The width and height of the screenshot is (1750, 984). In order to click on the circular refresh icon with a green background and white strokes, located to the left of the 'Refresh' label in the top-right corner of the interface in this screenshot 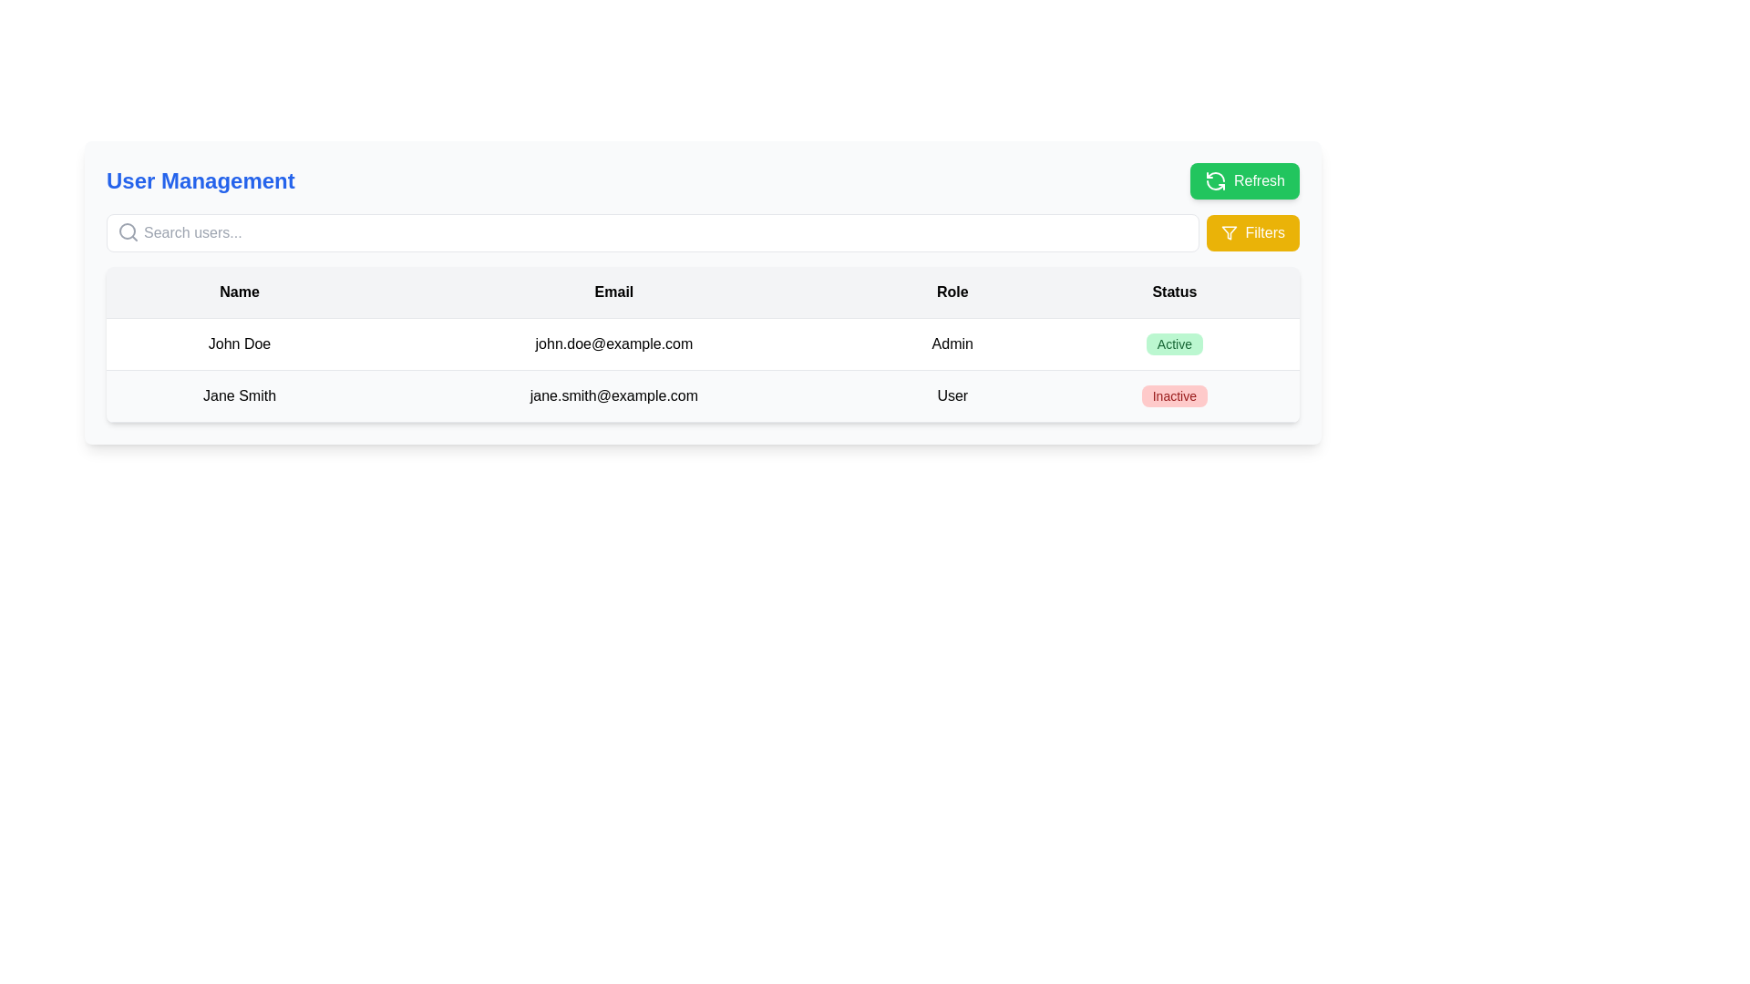, I will do `click(1216, 181)`.